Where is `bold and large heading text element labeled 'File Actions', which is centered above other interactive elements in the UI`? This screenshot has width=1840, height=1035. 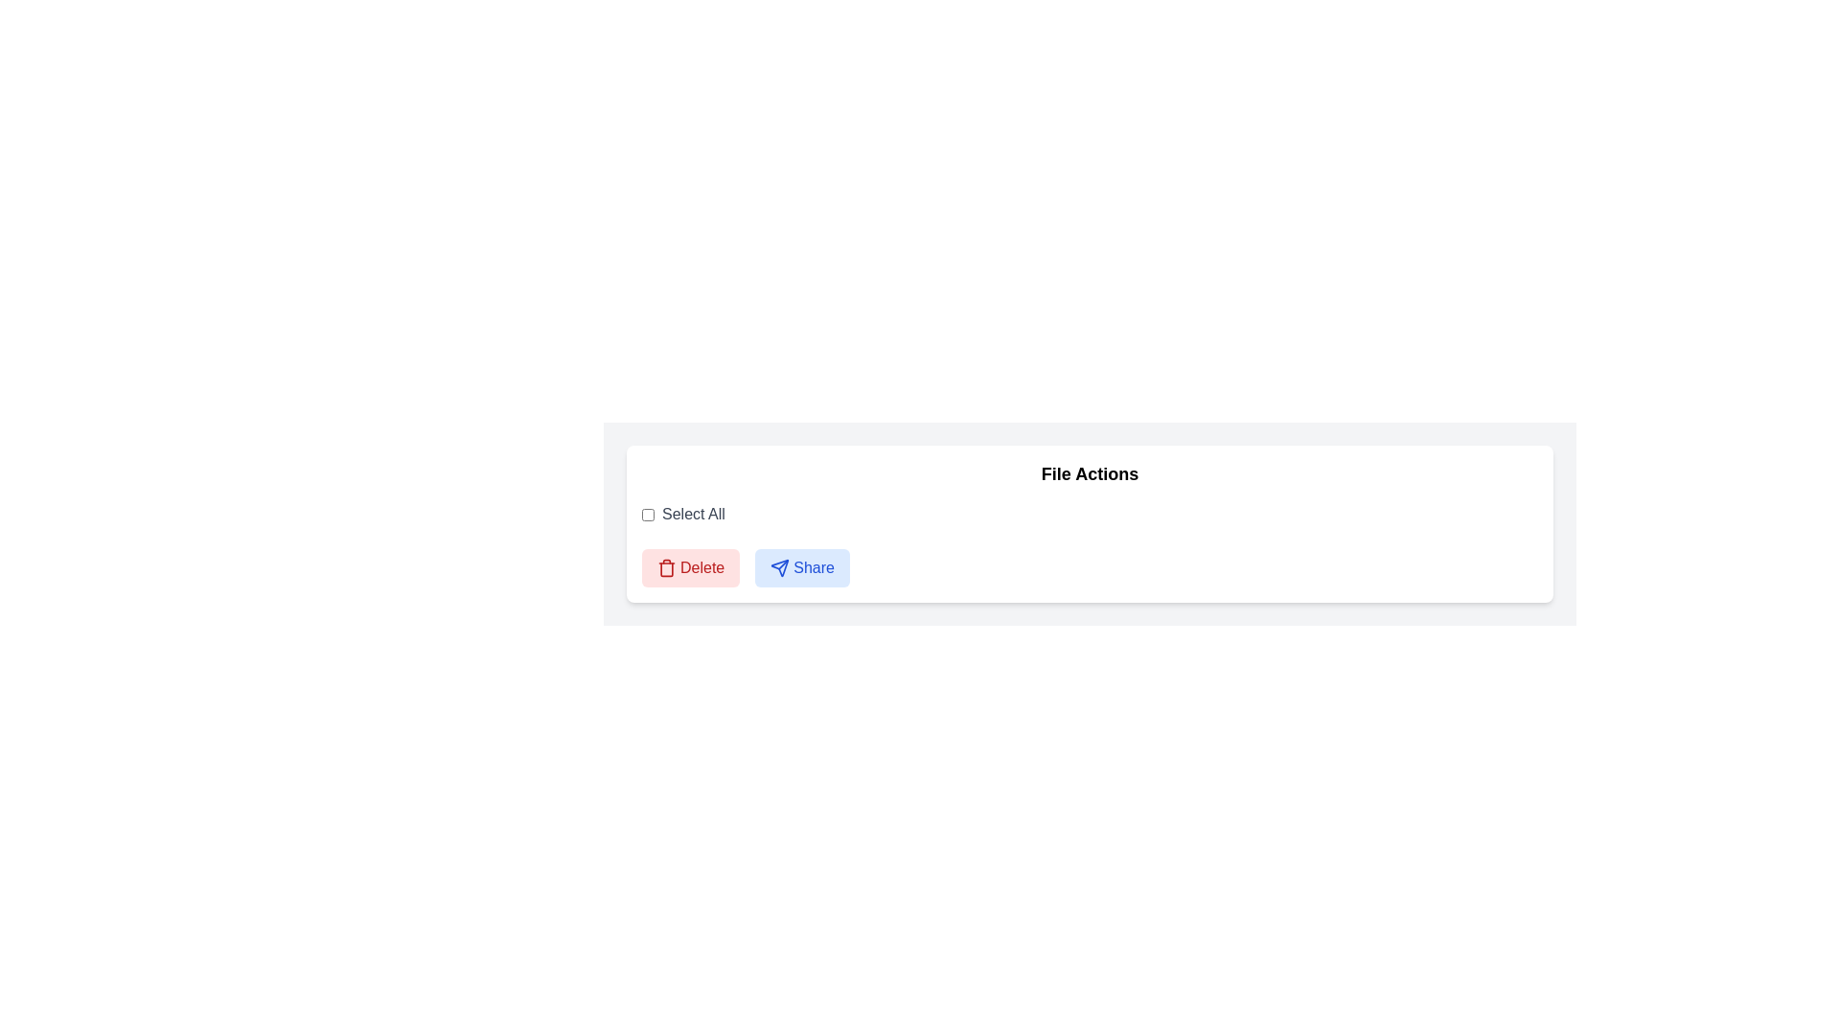 bold and large heading text element labeled 'File Actions', which is centered above other interactive elements in the UI is located at coordinates (1090, 473).